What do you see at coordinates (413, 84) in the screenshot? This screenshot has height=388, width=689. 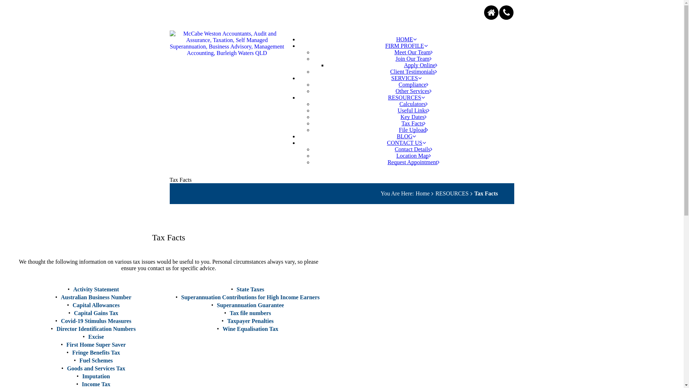 I see `'Compliance'` at bounding box center [413, 84].